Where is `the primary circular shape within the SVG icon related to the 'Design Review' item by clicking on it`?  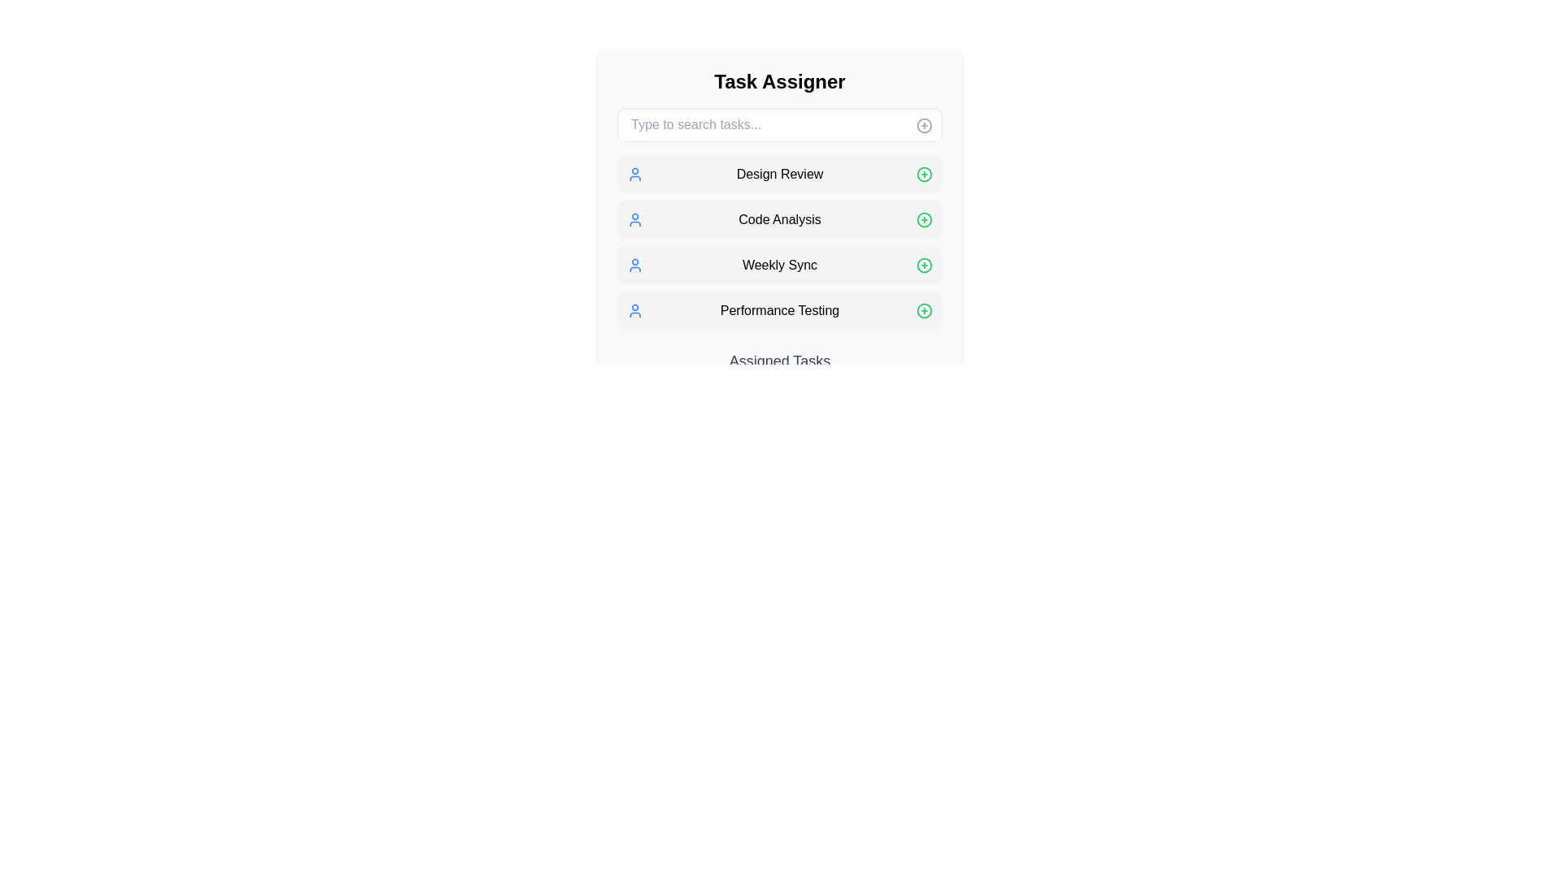 the primary circular shape within the SVG icon related to the 'Design Review' item by clicking on it is located at coordinates (924, 175).